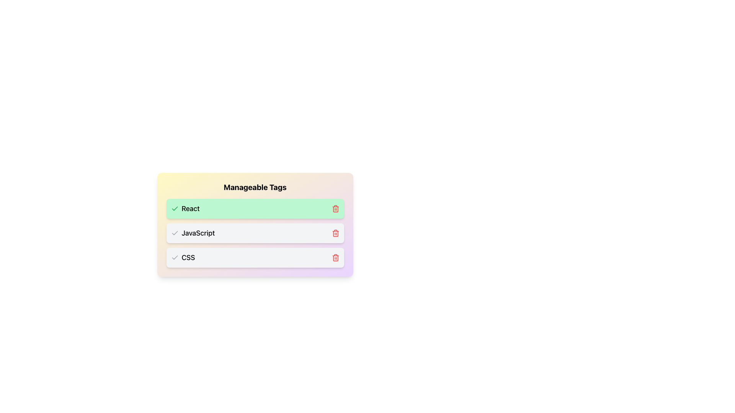  I want to click on the 'JavaScript' text label, which is the second item in the 'Manageable Tags' list, located between the 'React' tag above and the 'CSS' tag below, with an SVG check icon to its left and a delete icon to its right, so click(198, 233).